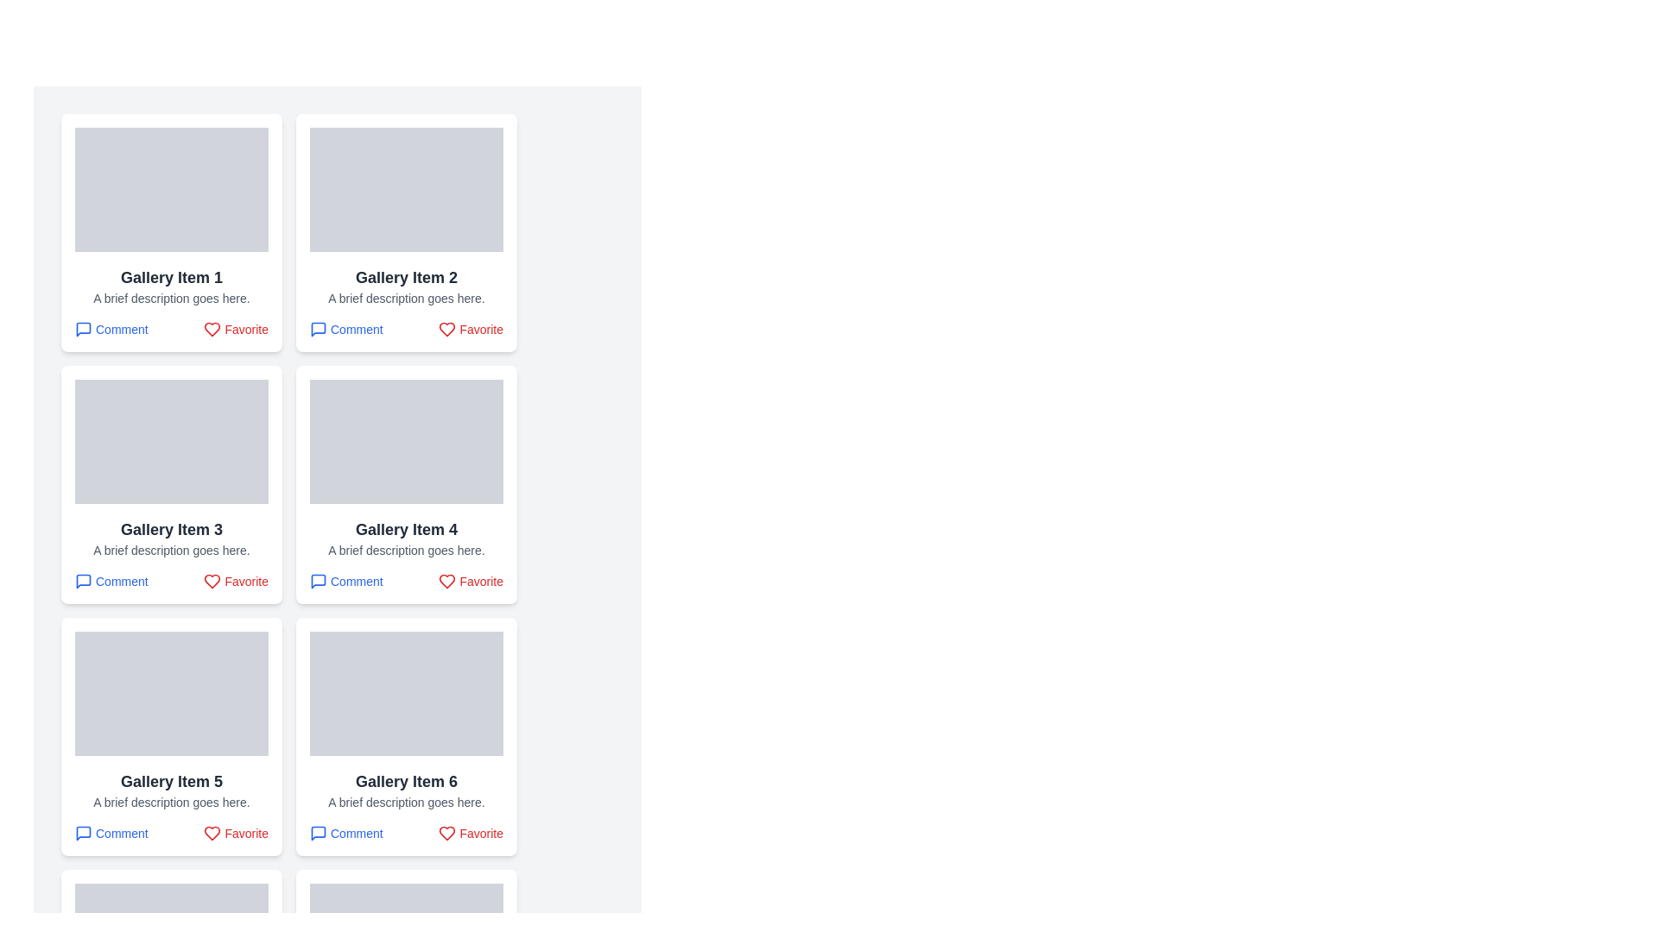 Image resolution: width=1658 pixels, height=932 pixels. What do you see at coordinates (405, 550) in the screenshot?
I see `text label that provides a brief description located under the heading 'Gallery Item 4' in the fourth item of the grid layout` at bounding box center [405, 550].